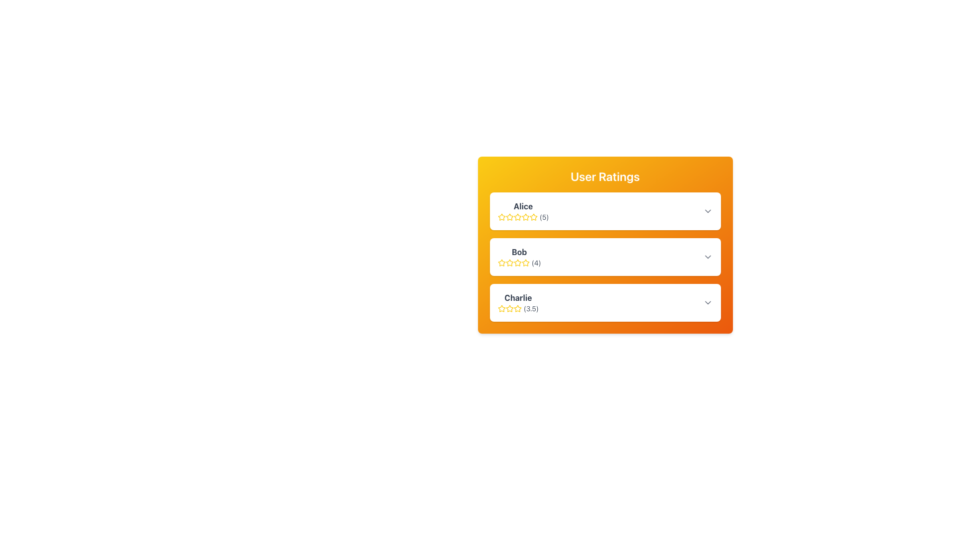  I want to click on the rating display element, which shows a full five-star rating and the number of reviews, located below the text 'Alice' and before the dropdown control, so click(523, 216).